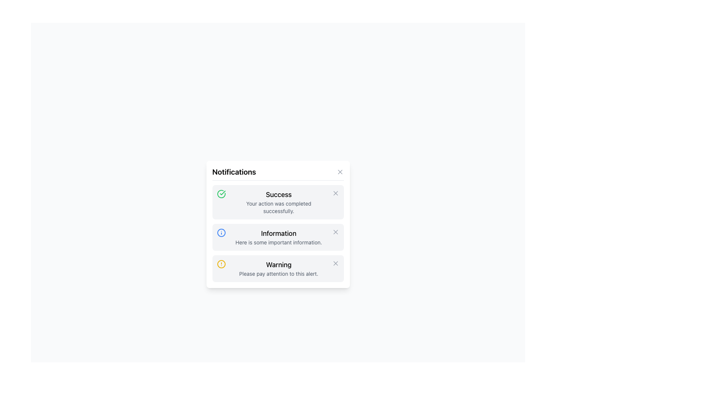  Describe the element at coordinates (335, 231) in the screenshot. I see `the small square-shaped close button with an 'X' icon located in the top-right corner of the 'Information' notification card to trigger the hover effect that changes its color` at that location.